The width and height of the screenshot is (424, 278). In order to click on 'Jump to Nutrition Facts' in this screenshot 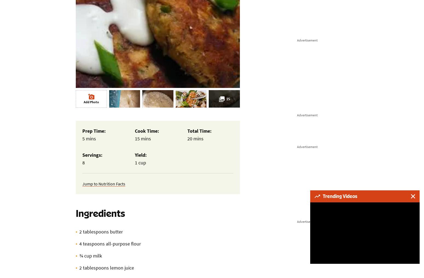, I will do `click(103, 184)`.